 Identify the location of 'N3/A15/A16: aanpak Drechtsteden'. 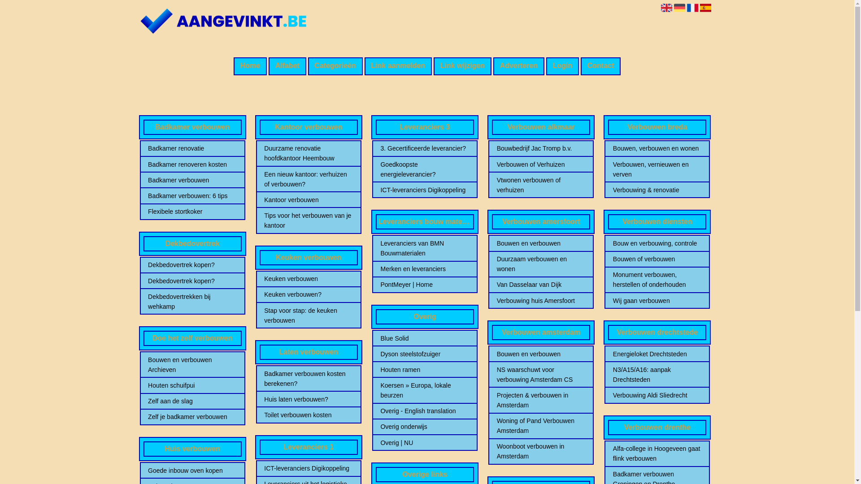
(657, 375).